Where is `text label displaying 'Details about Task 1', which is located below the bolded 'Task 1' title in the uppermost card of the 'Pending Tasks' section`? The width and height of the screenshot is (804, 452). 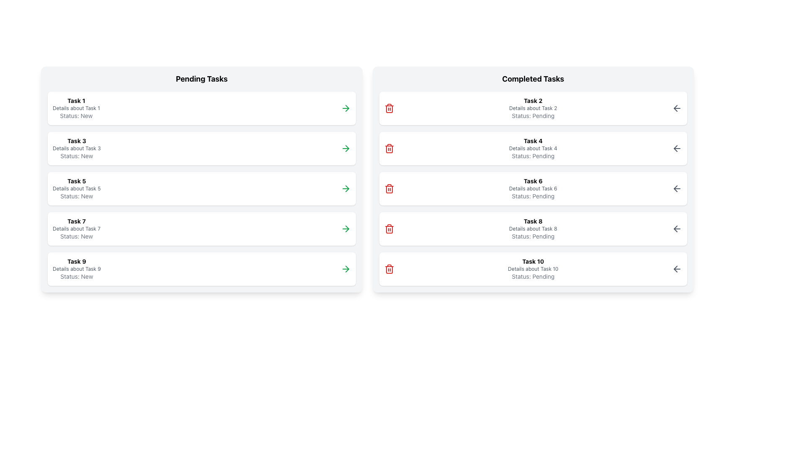
text label displaying 'Details about Task 1', which is located below the bolded 'Task 1' title in the uppermost card of the 'Pending Tasks' section is located at coordinates (76, 108).